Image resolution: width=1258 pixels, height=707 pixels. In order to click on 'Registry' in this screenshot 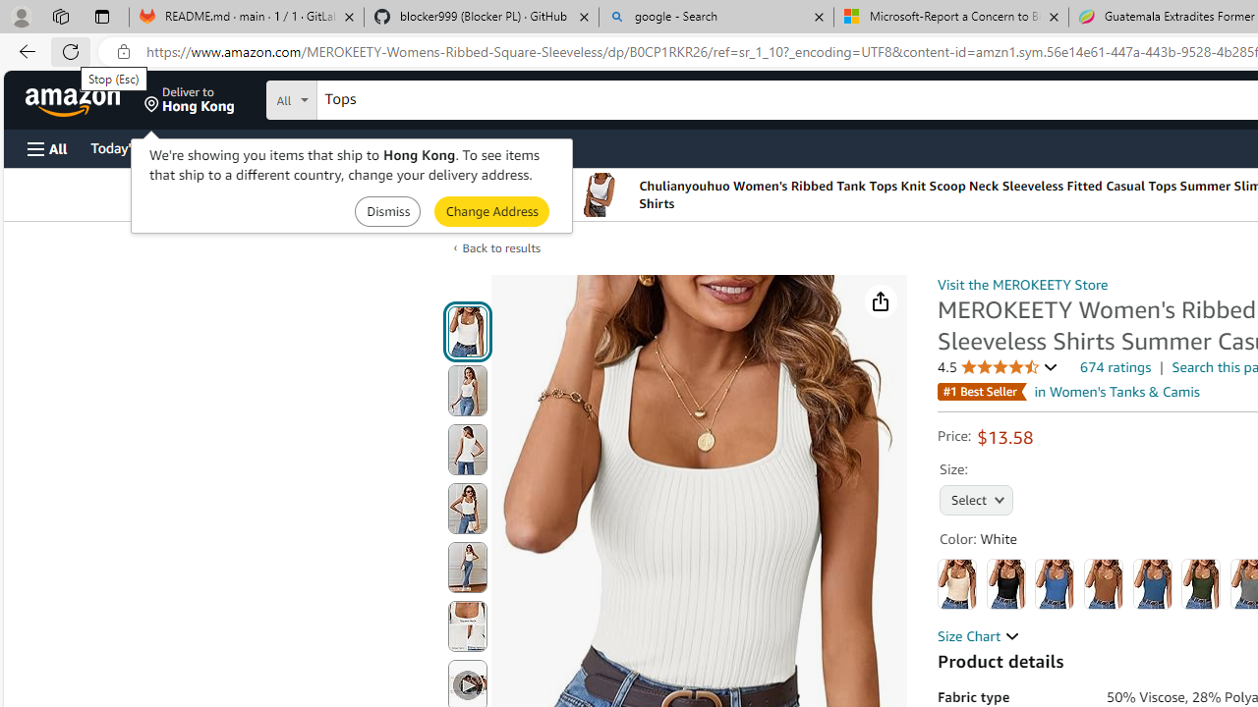, I will do `click(354, 146)`.